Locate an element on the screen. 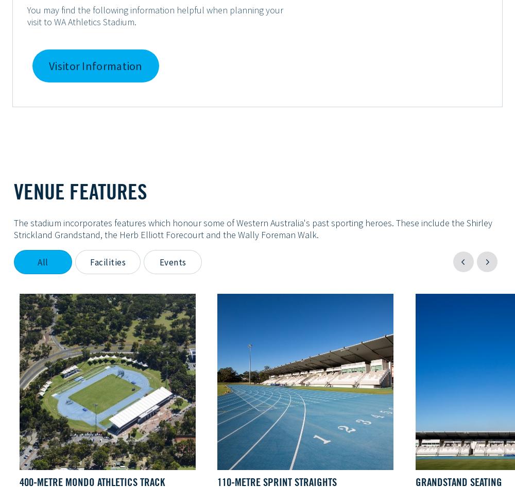 The image size is (515, 502). 'Events' is located at coordinates (159, 262).